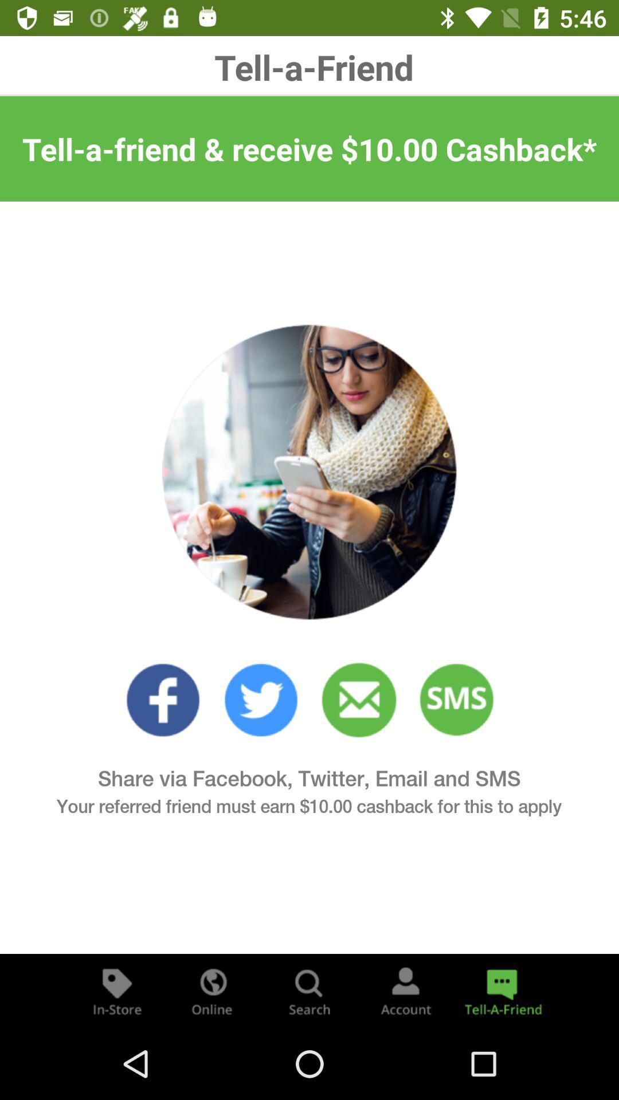 The image size is (619, 1100). I want to click on twitter link, so click(261, 700).